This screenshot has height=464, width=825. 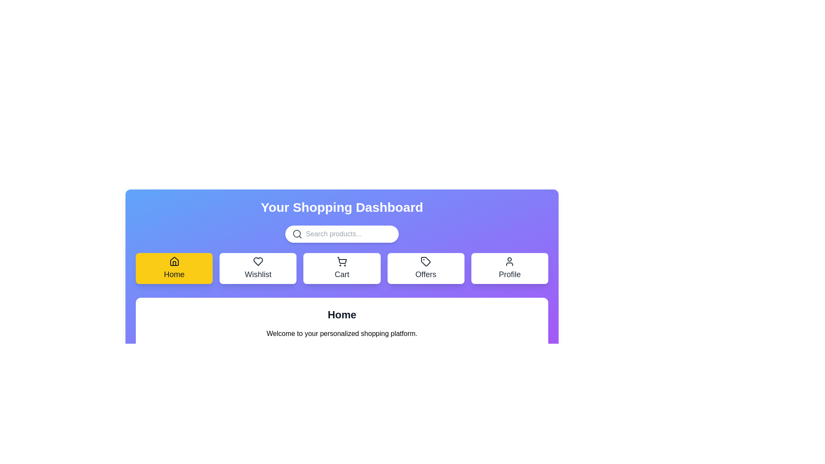 What do you see at coordinates (174, 263) in the screenshot?
I see `the house icon graphic in the highlighted 'Home' navigation section, which is positioned at the bottom of the house-shaped icon` at bounding box center [174, 263].